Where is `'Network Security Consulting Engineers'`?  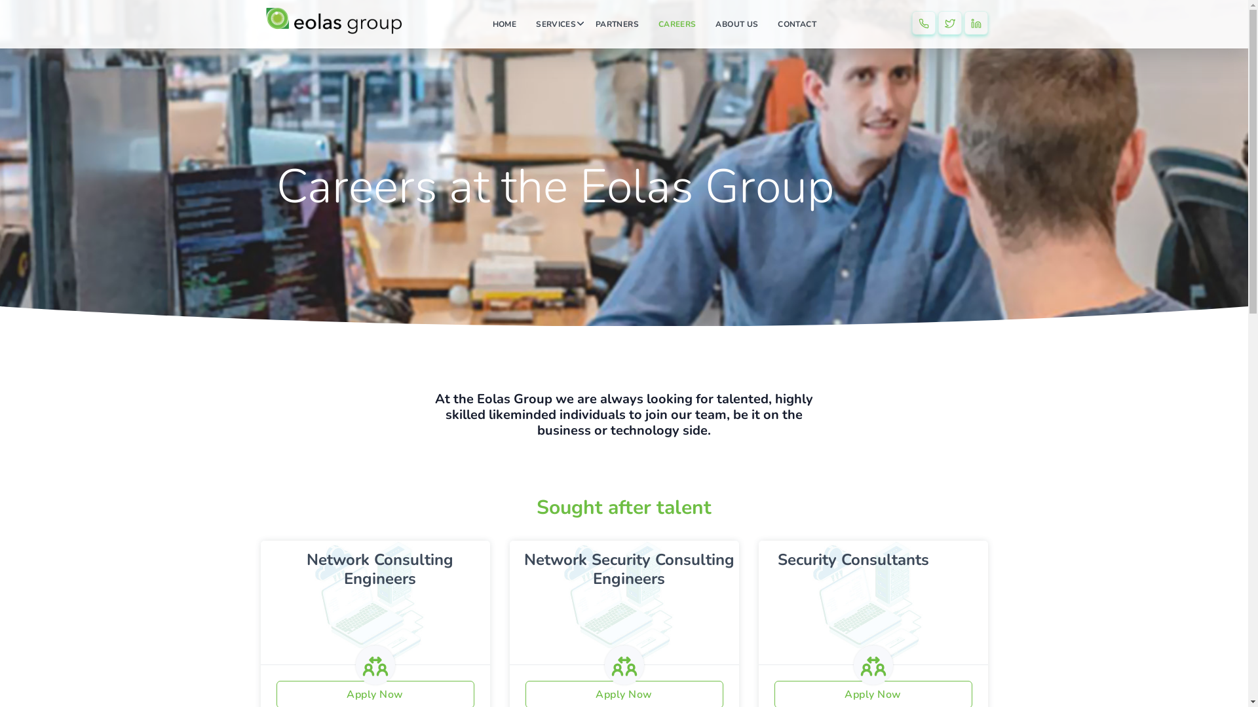 'Network Security Consulting Engineers' is located at coordinates (629, 568).